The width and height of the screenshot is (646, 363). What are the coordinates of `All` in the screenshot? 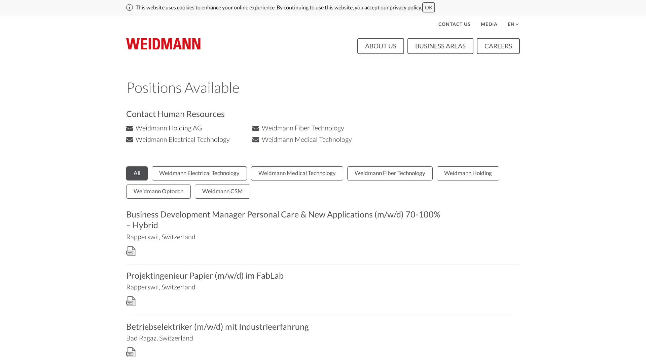 It's located at (137, 158).